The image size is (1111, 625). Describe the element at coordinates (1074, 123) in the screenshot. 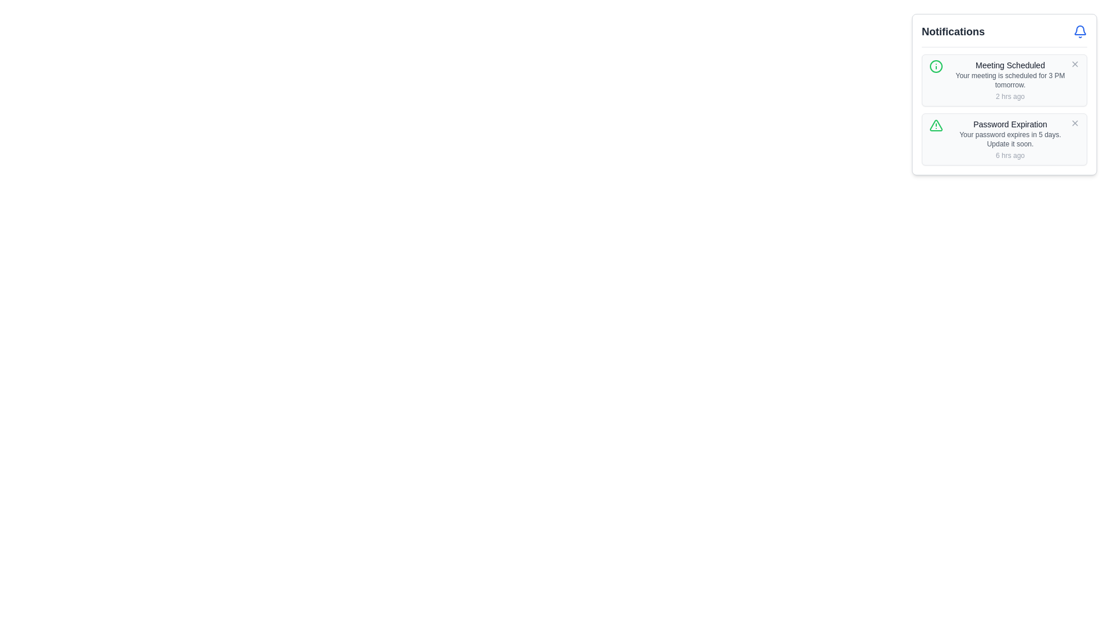

I see `the small gray 'X' icon in the top-right corner of the 'Password Expiration' notification box to trigger its hover state` at that location.